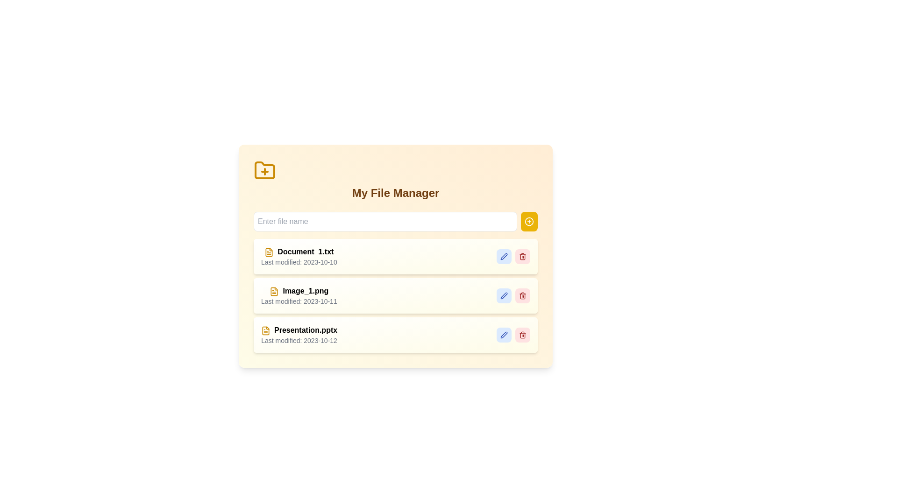  Describe the element at coordinates (522, 295) in the screenshot. I see `the red delete button with a trash can icon located in the right column of the second file entry` at that location.